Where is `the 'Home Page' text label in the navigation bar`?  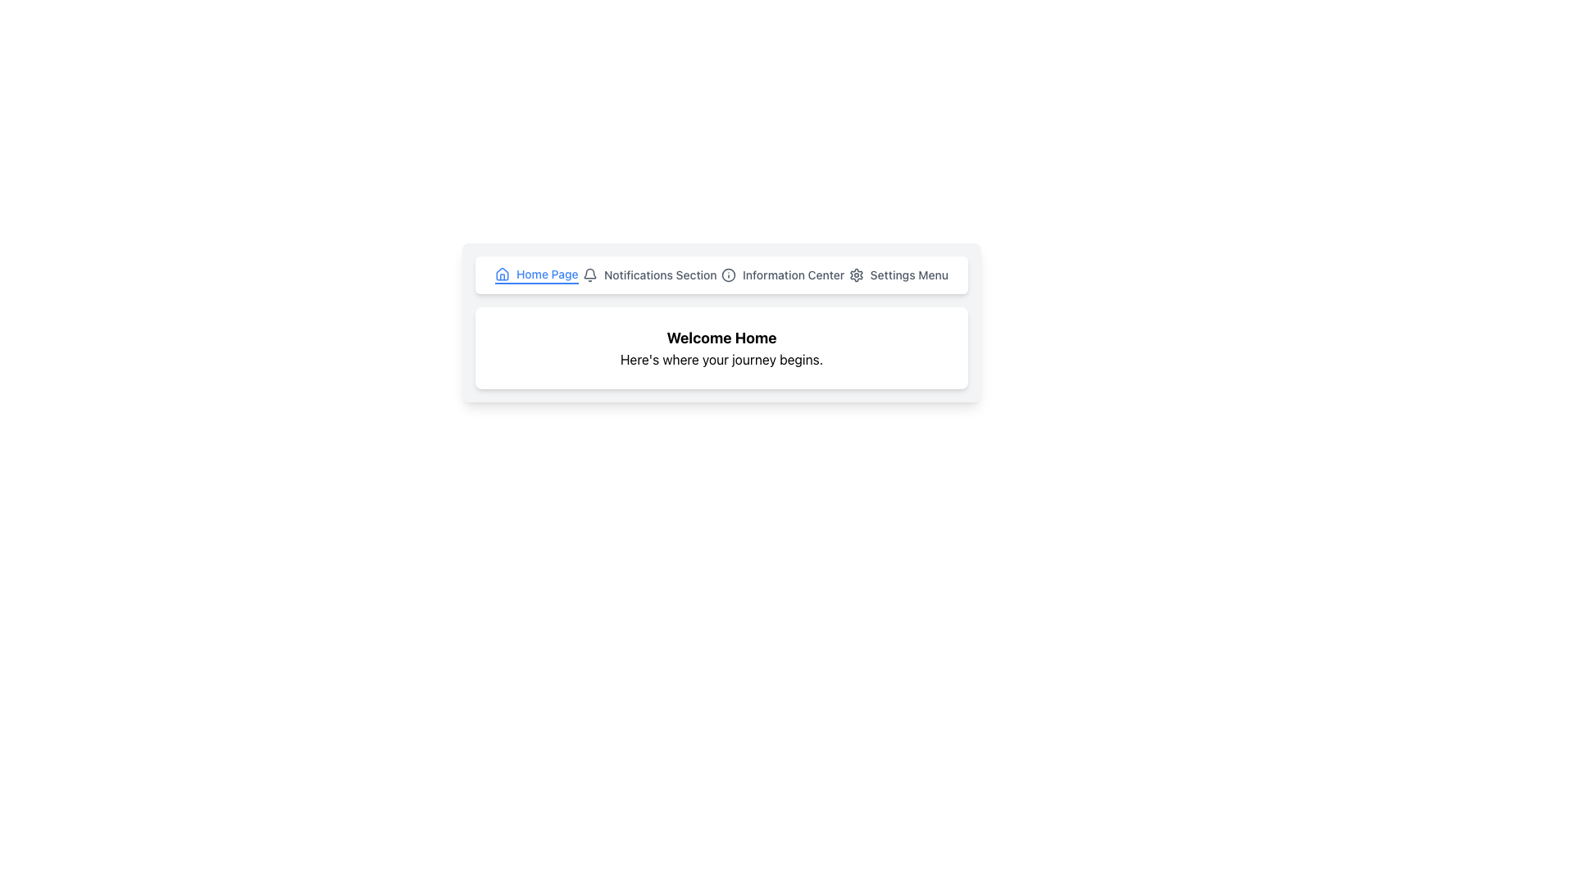 the 'Home Page' text label in the navigation bar is located at coordinates (547, 274).